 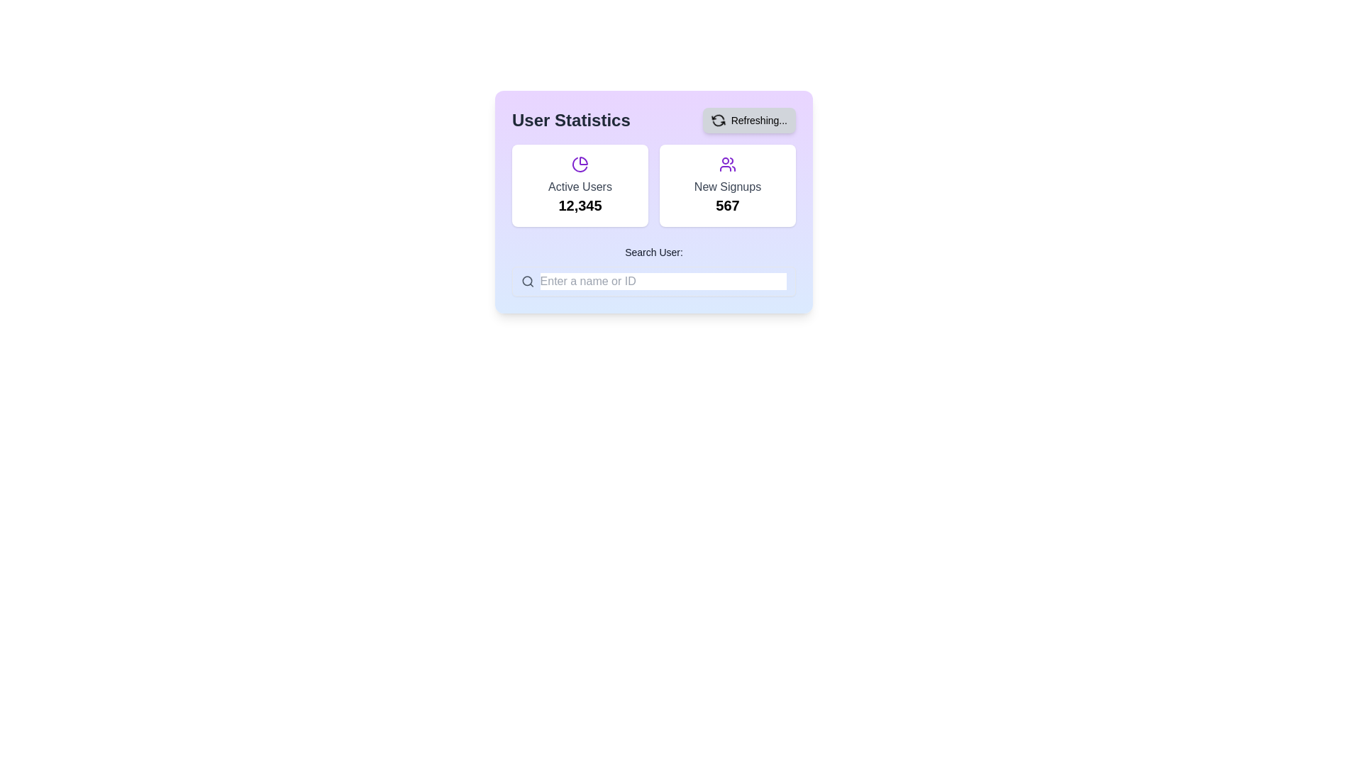 What do you see at coordinates (653, 119) in the screenshot?
I see `the text label styled as a heading indicating 'User Statistics'` at bounding box center [653, 119].